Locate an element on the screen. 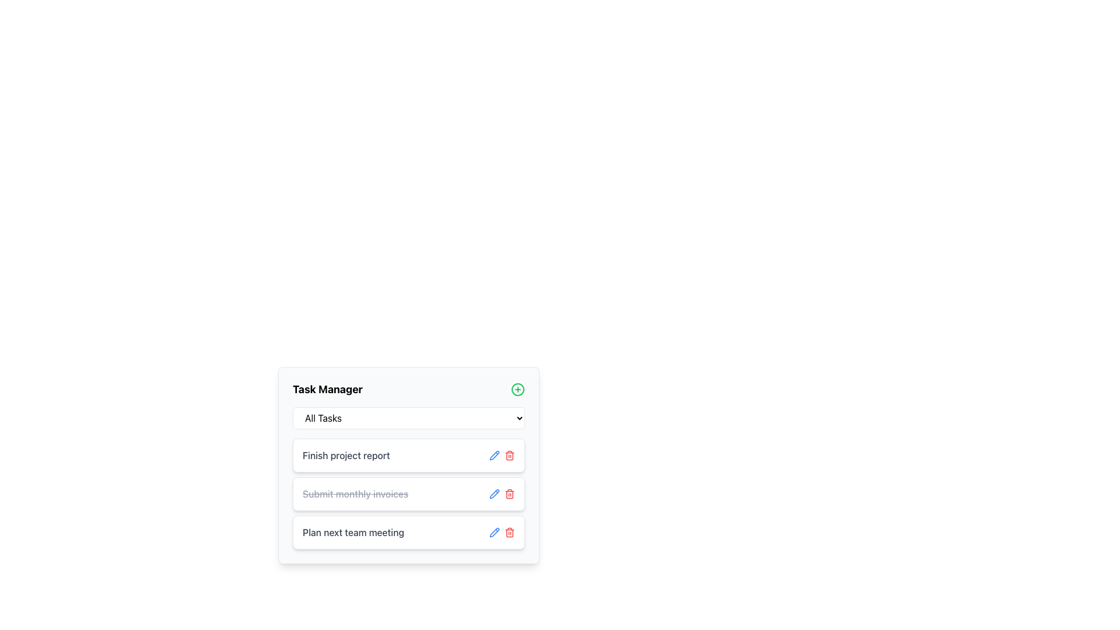  the edit icon located in the Task Manager interface, which is positioned to the left of the trash bin icon and aligned with the 'Finish project report' task row is located at coordinates (495, 531).